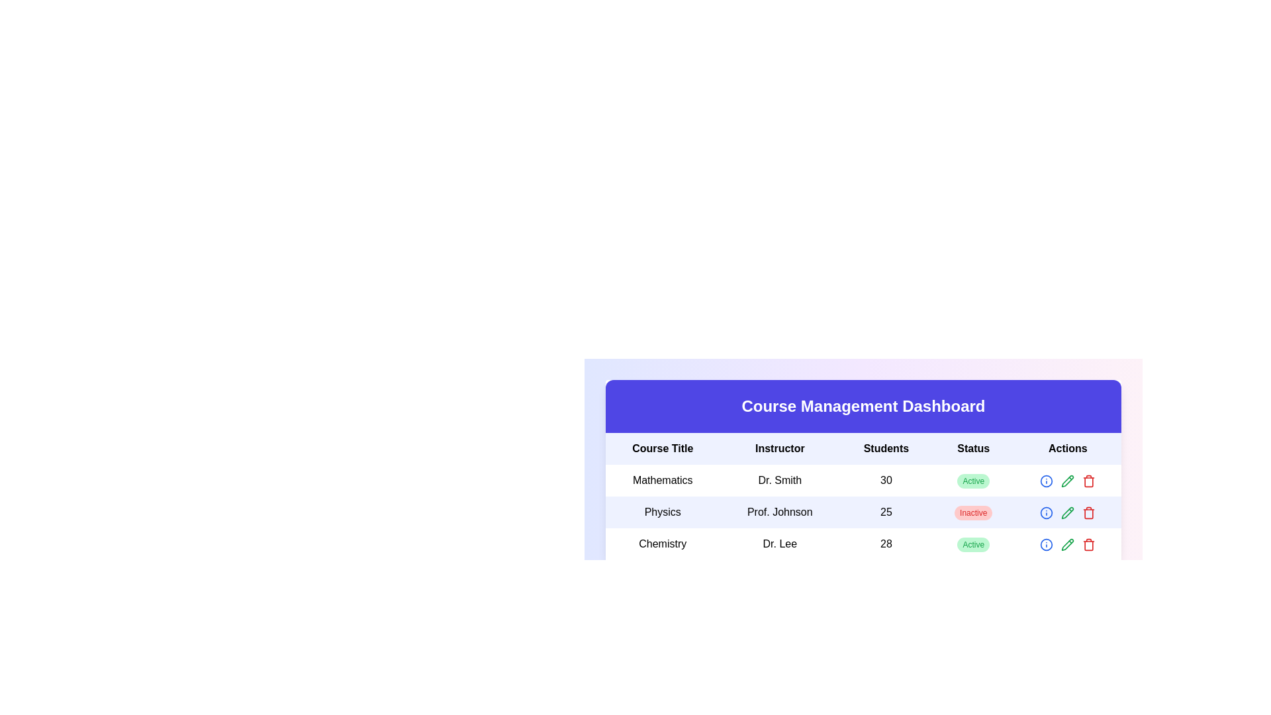  I want to click on the static text element displaying the number '28' in the 'Students' column of the Chemistry row associated with Dr. Lee, so click(886, 544).